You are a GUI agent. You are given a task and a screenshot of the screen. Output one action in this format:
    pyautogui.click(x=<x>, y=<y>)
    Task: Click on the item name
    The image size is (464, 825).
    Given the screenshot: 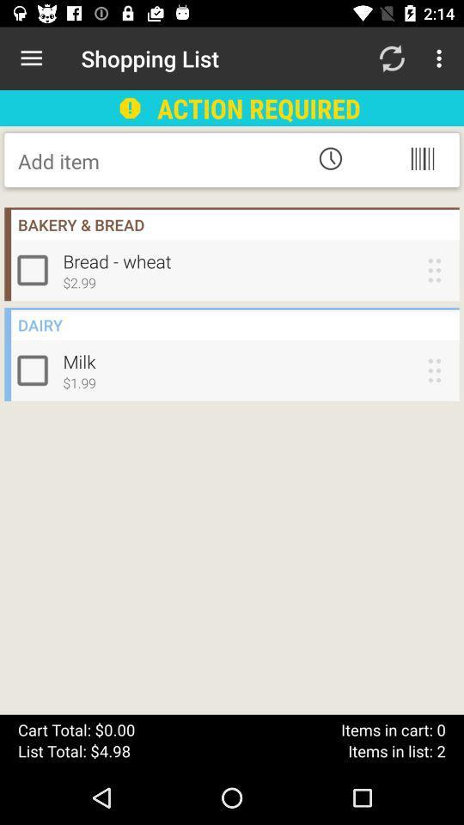 What is the action you would take?
    pyautogui.click(x=156, y=161)
    